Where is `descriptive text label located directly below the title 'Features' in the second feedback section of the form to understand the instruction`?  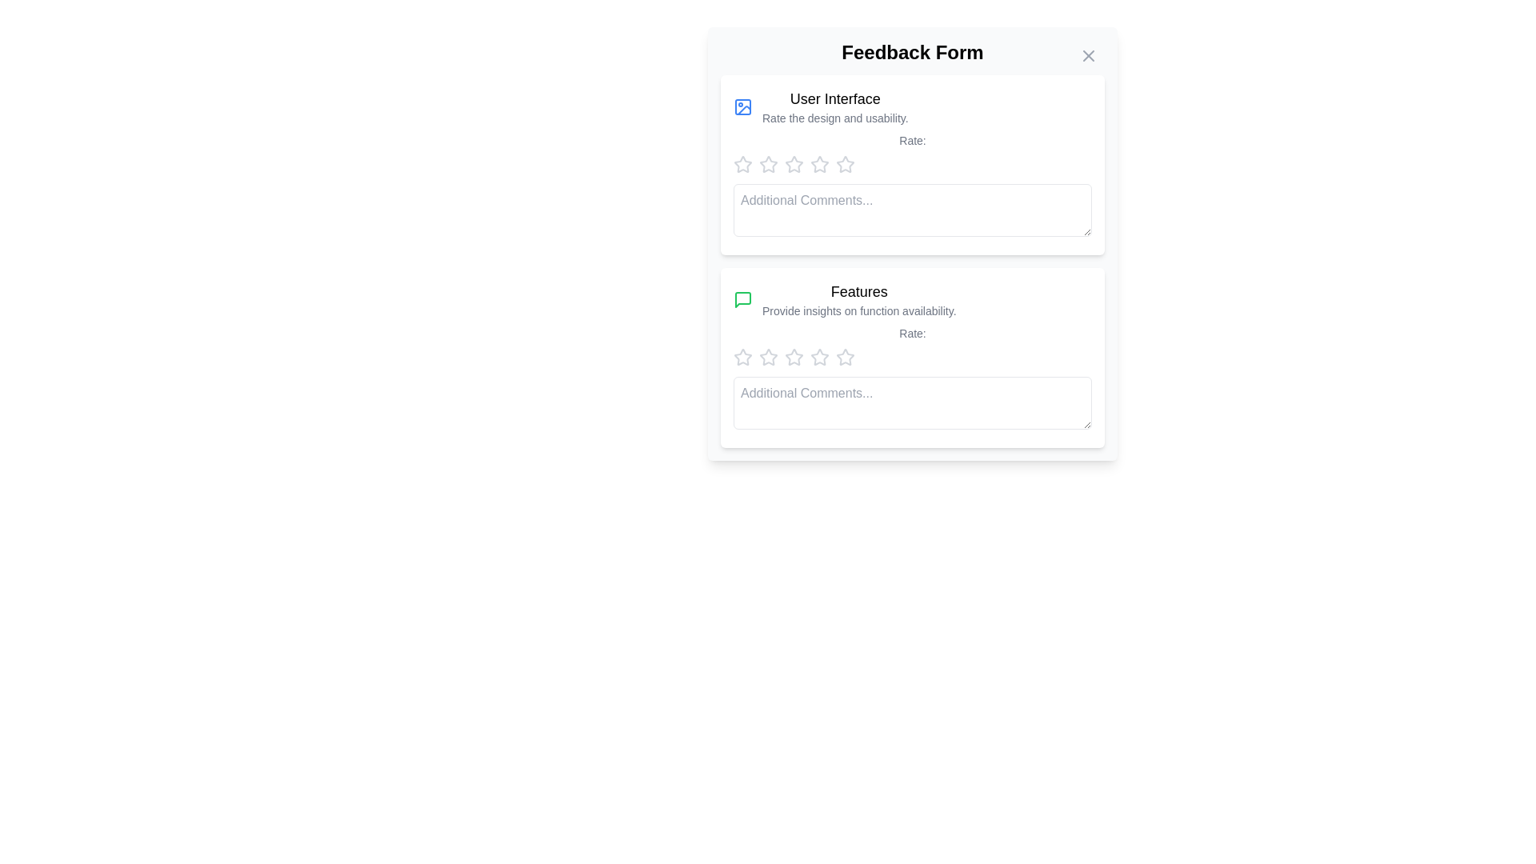 descriptive text label located directly below the title 'Features' in the second feedback section of the form to understand the instruction is located at coordinates (858, 311).